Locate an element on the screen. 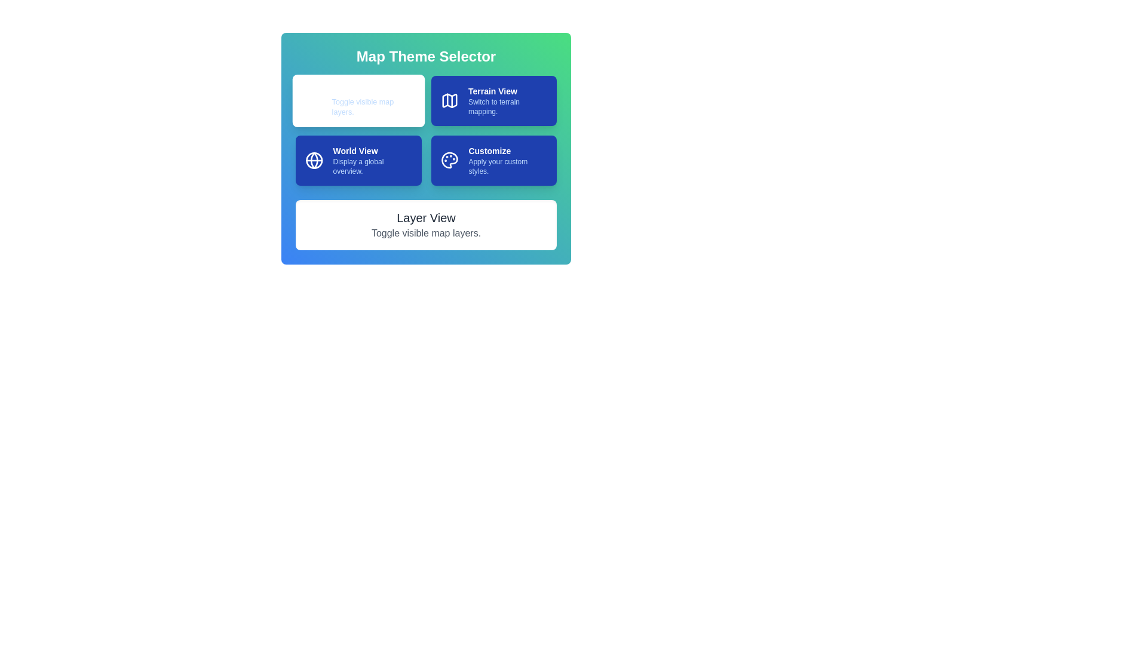 This screenshot has width=1147, height=645. the 'Customize' text-label component located within the blue rectangular button in the 'Map Theme Selector' interface is located at coordinates (508, 160).